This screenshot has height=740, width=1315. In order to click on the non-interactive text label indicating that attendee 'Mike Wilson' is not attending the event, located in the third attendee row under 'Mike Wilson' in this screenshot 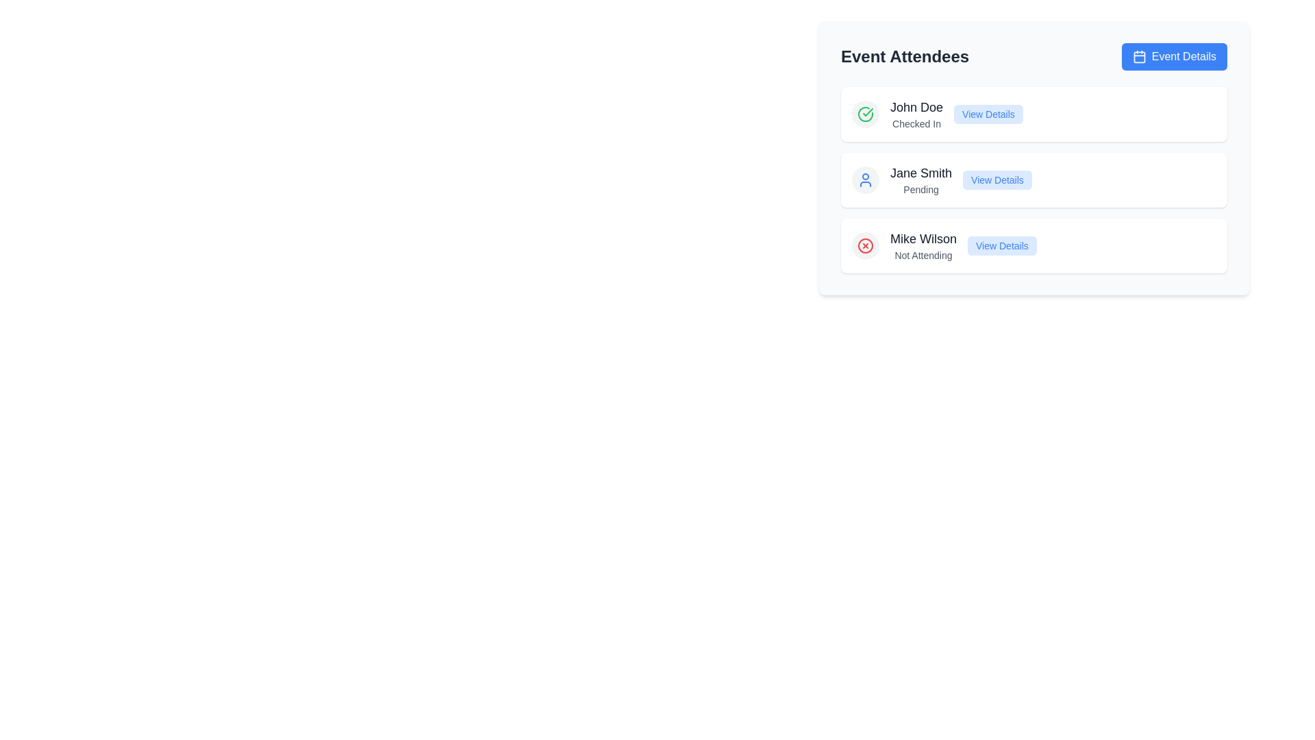, I will do `click(923, 256)`.